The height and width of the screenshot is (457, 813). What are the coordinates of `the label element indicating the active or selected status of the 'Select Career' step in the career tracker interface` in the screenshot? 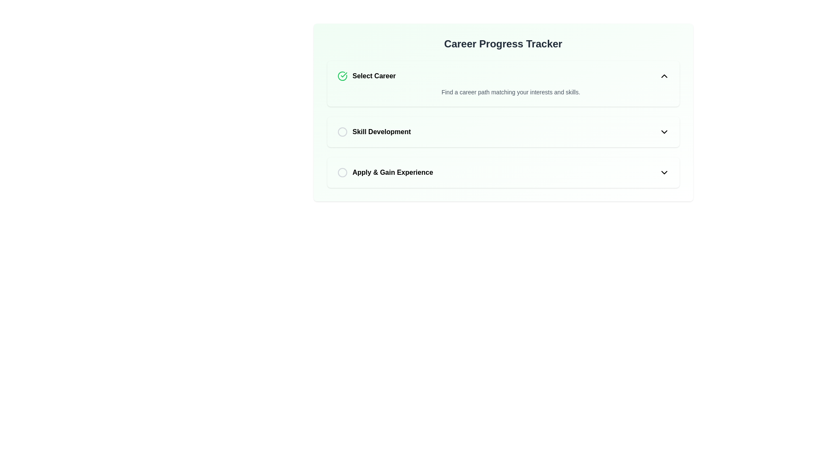 It's located at (366, 76).